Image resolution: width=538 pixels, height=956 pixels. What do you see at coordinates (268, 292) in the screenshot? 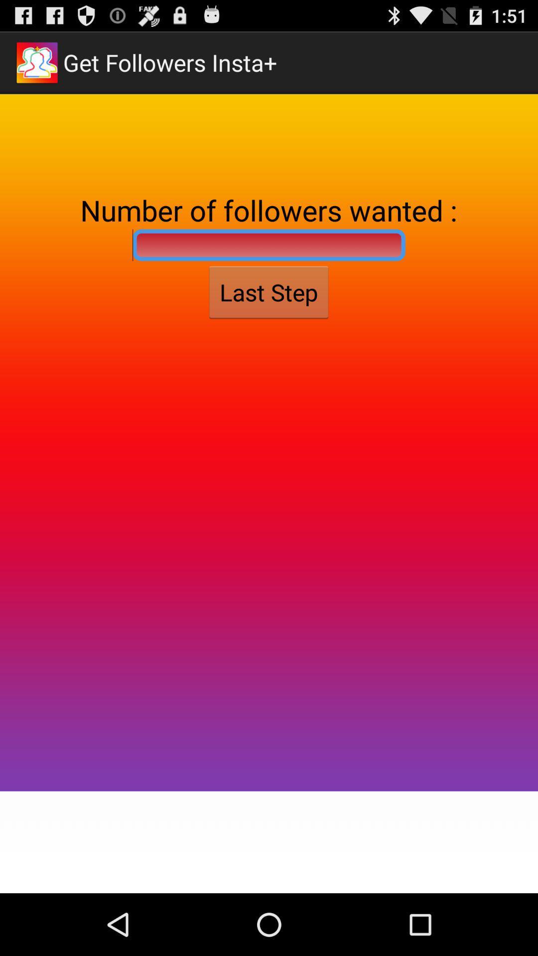
I see `the last step item` at bounding box center [268, 292].